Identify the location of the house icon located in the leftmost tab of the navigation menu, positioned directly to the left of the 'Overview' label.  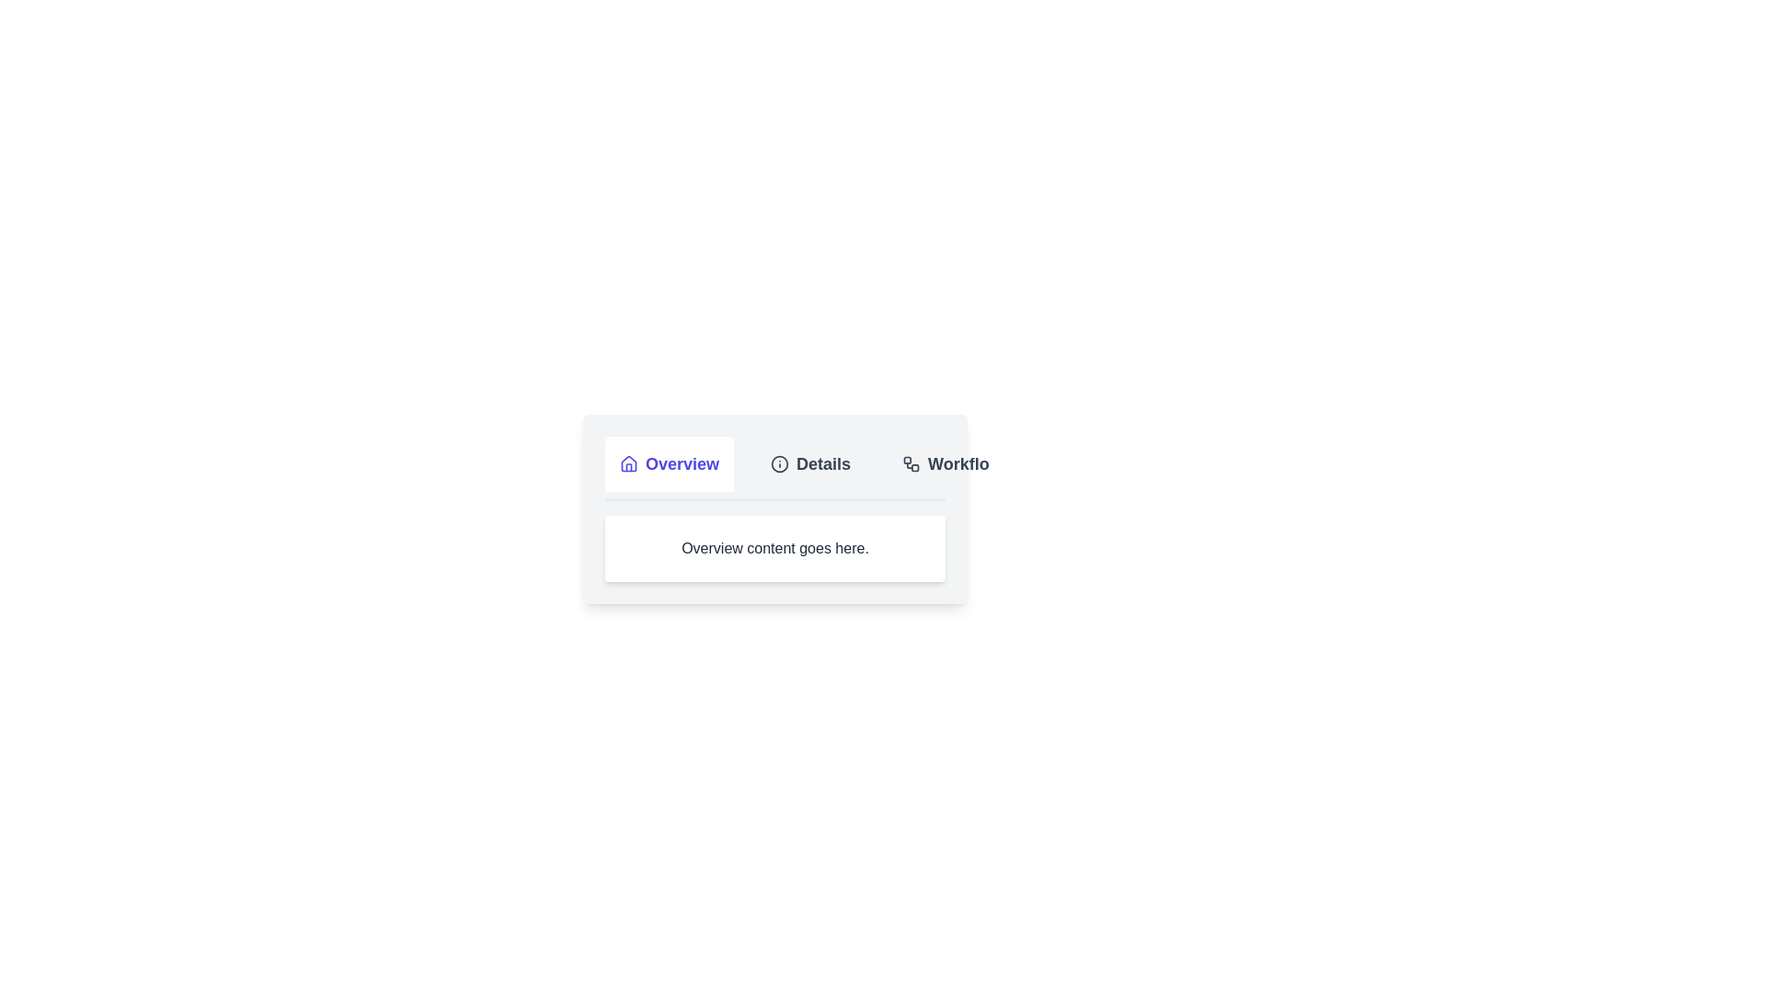
(629, 462).